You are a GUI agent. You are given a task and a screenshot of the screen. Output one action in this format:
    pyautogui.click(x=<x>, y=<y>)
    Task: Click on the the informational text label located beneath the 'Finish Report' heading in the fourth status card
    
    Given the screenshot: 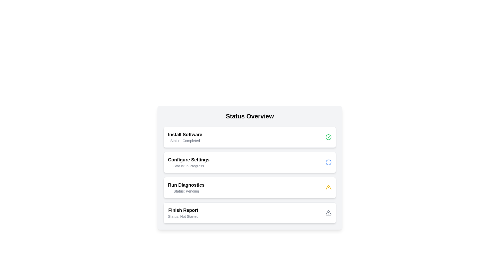 What is the action you would take?
    pyautogui.click(x=183, y=216)
    